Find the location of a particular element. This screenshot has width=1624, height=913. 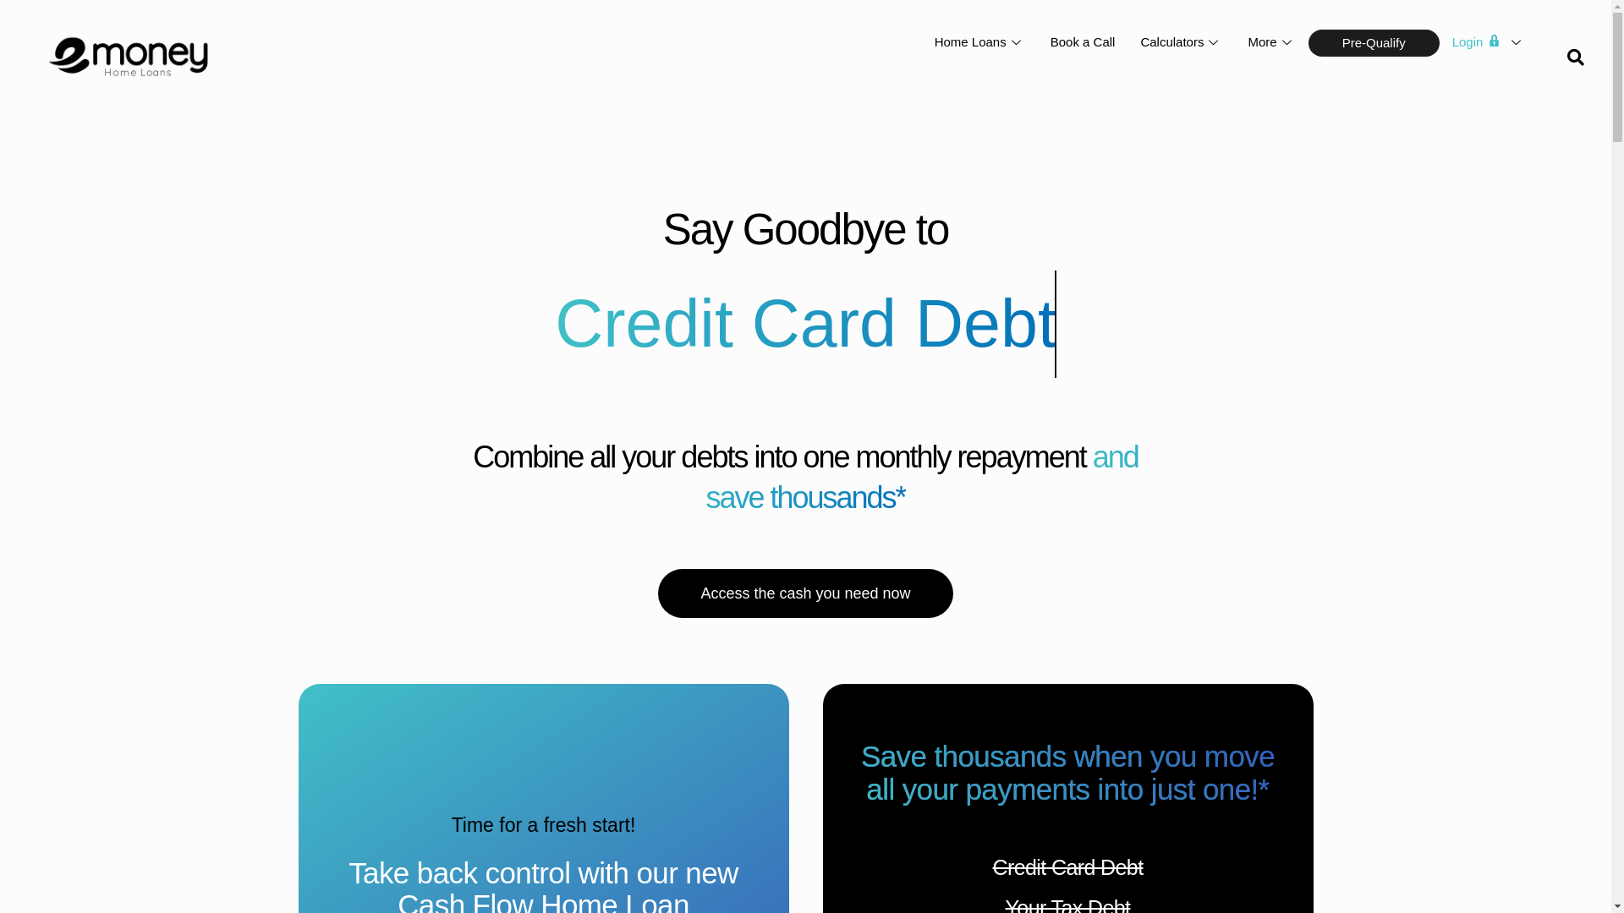

'Home Loans' is located at coordinates (979, 41).